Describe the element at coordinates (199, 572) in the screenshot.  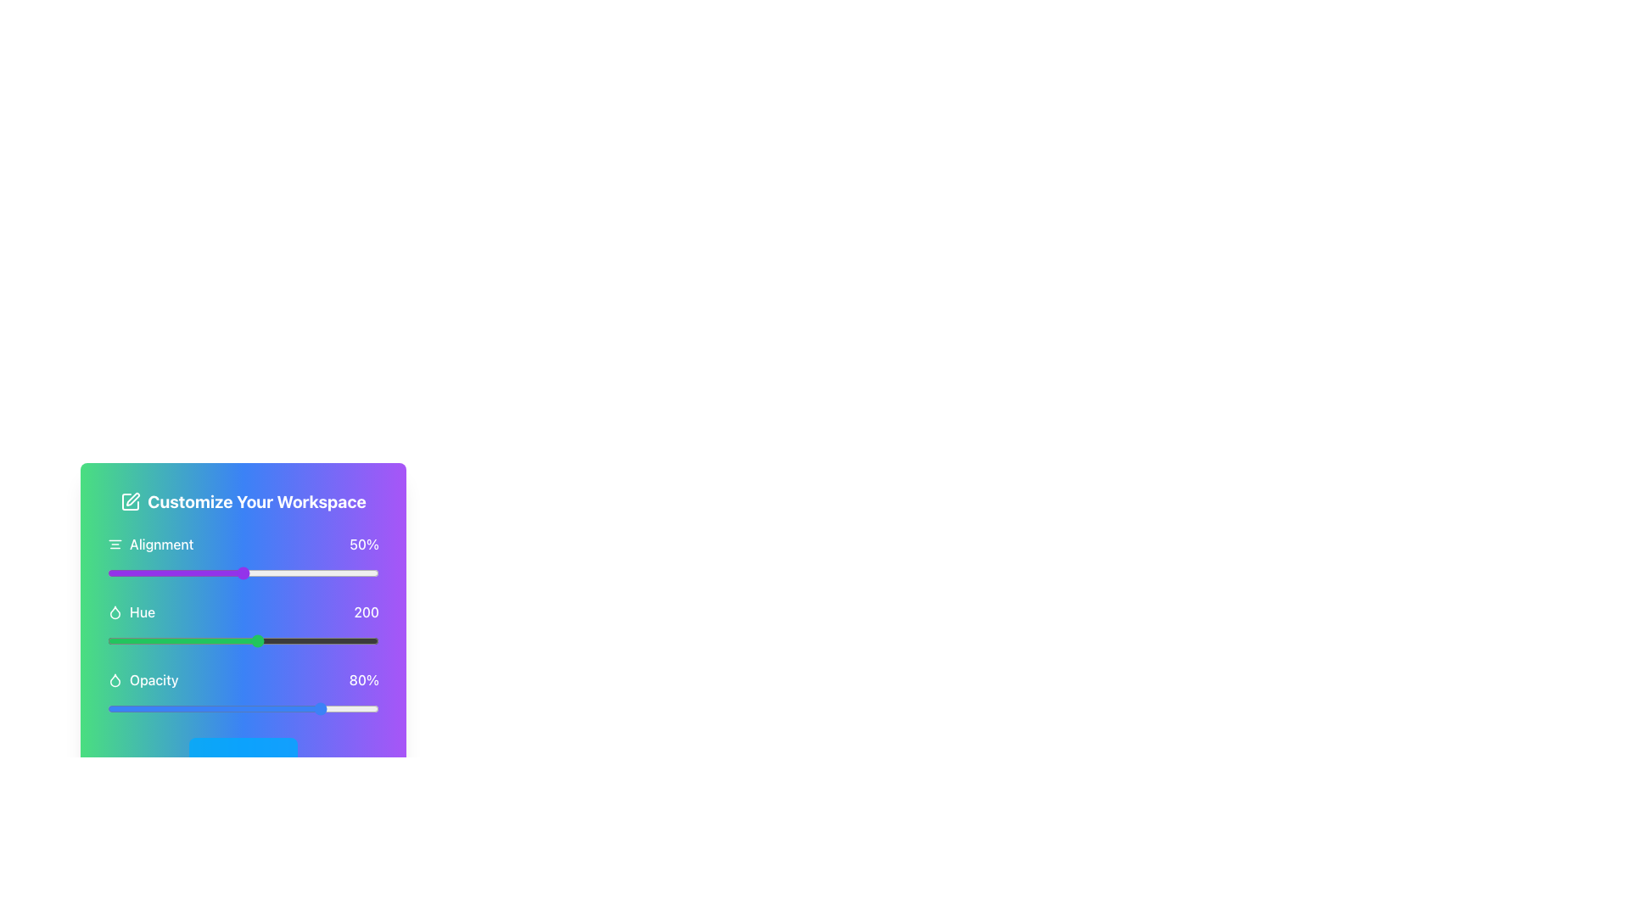
I see `the alignment percentage` at that location.